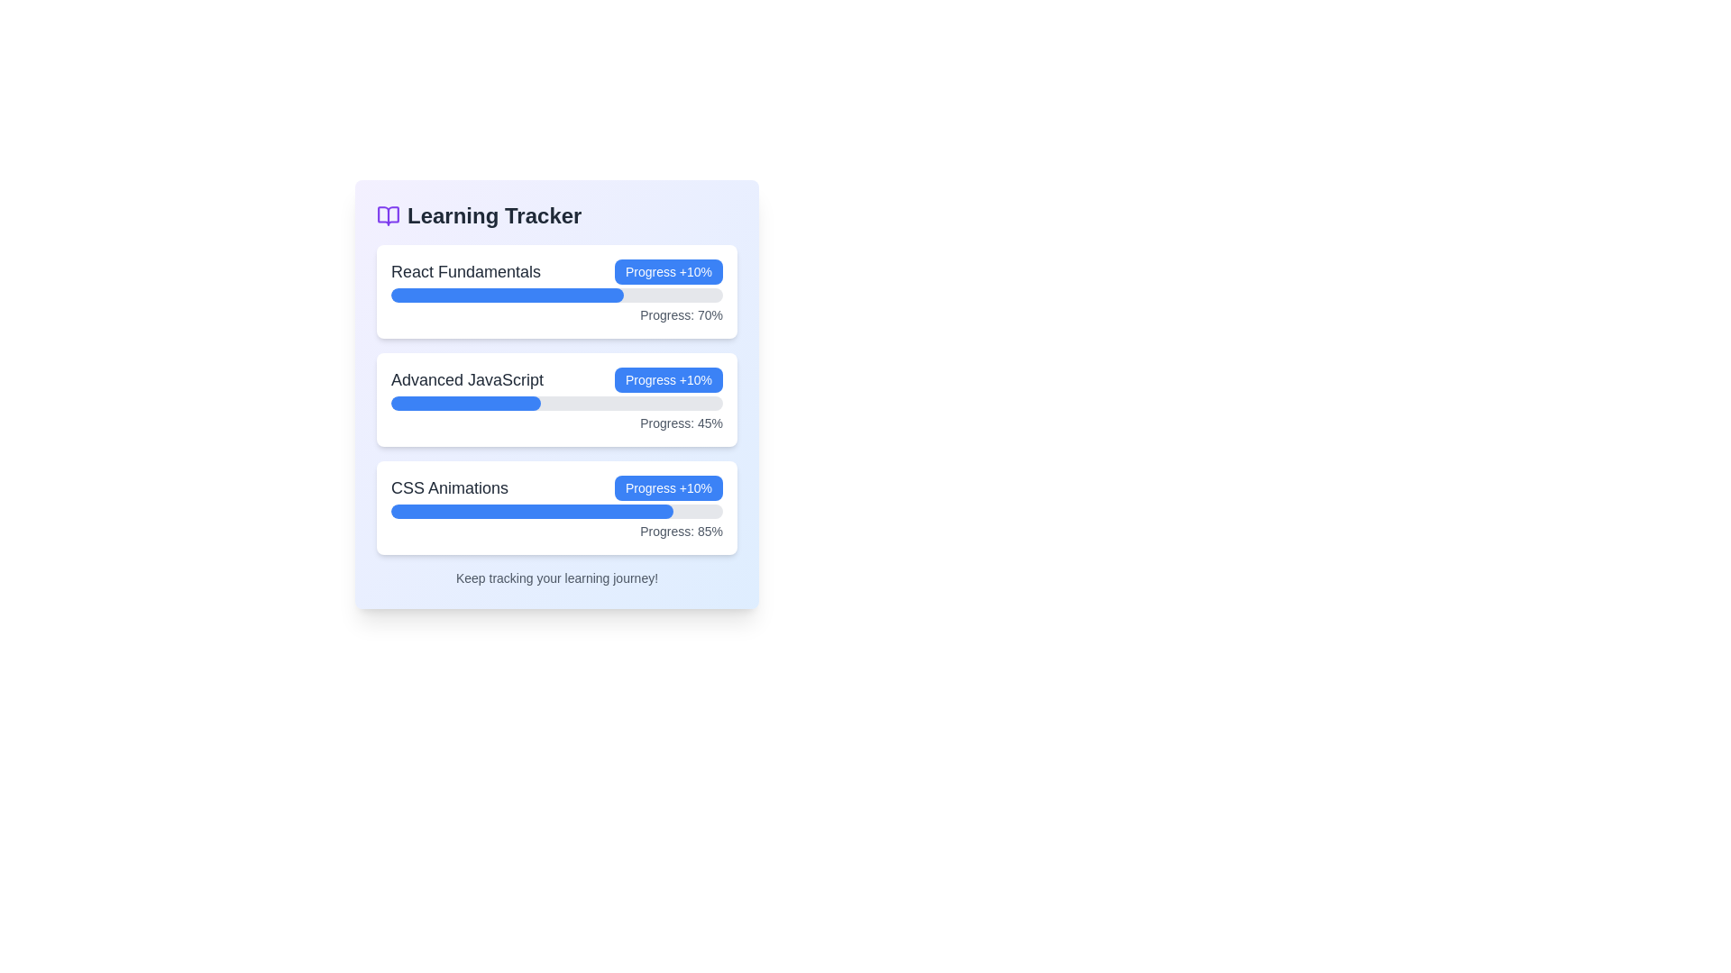 Image resolution: width=1731 pixels, height=973 pixels. What do you see at coordinates (506, 294) in the screenshot?
I see `the visual representation of the Progress bar segment indicating 70% completion for the 'React Fundamentals' module, located directly beneath its label` at bounding box center [506, 294].